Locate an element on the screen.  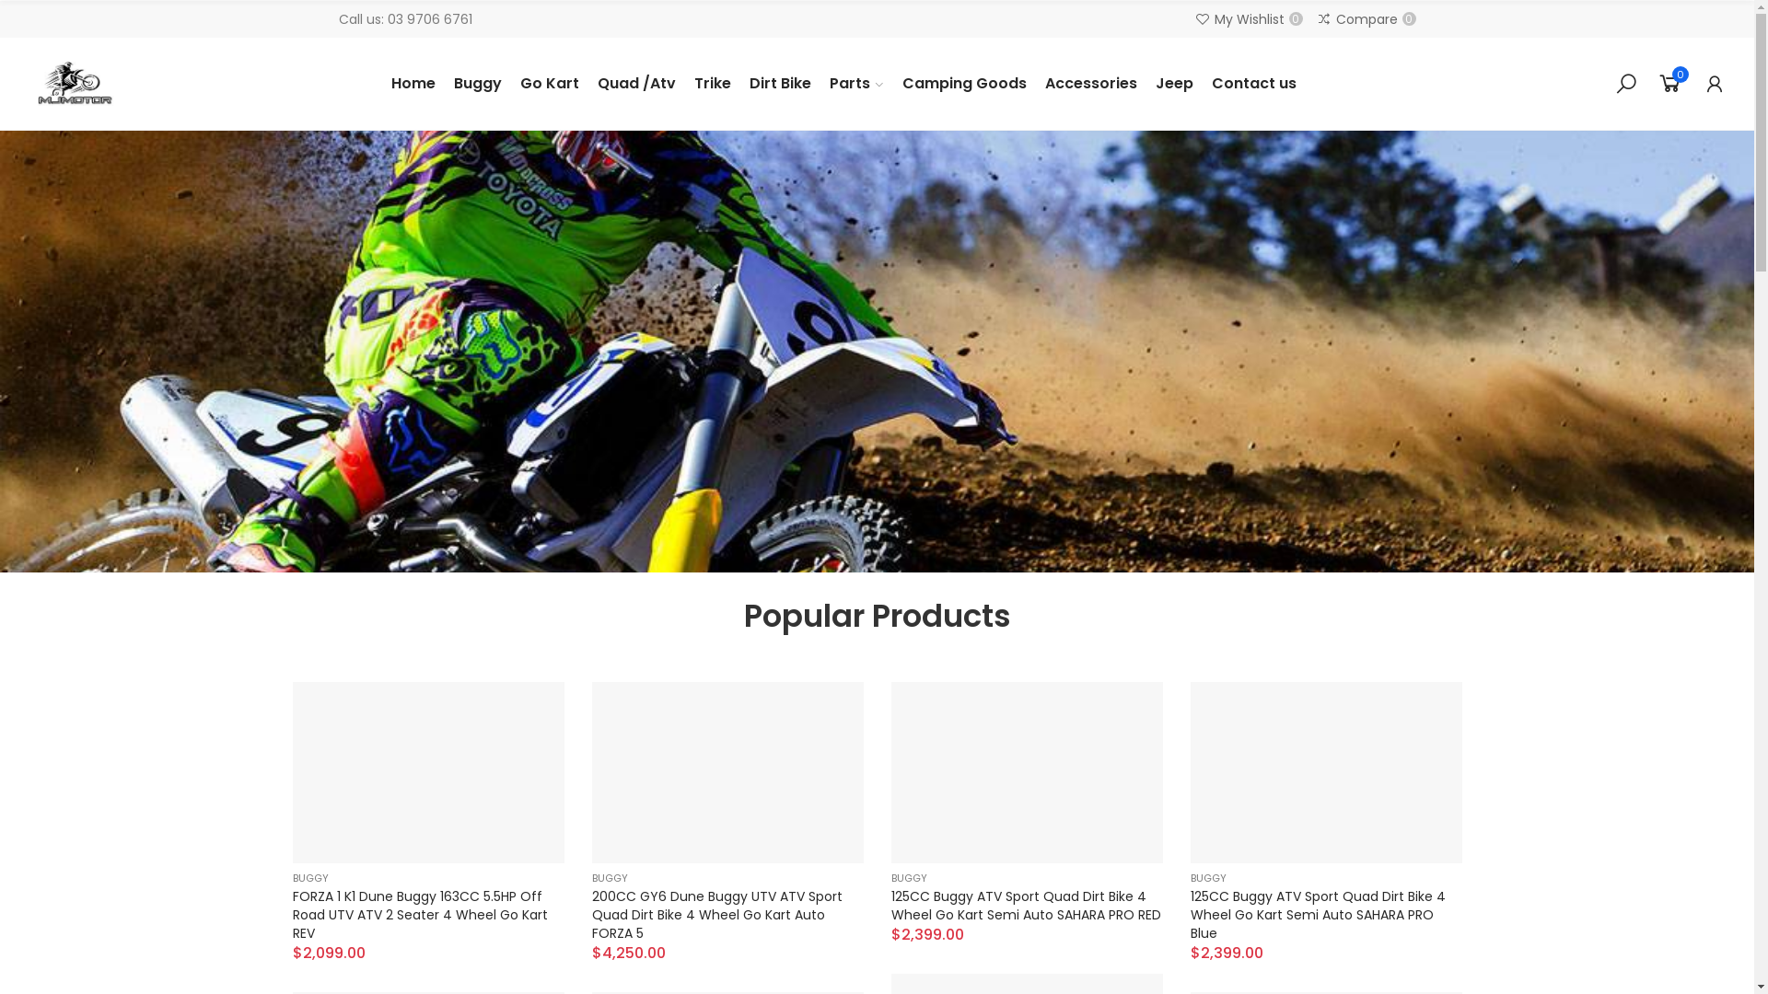
'Jeep' is located at coordinates (1173, 84).